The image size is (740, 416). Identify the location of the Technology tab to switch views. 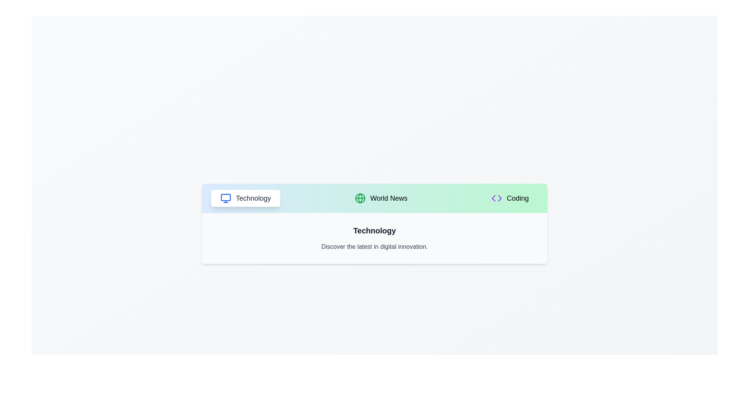
(245, 198).